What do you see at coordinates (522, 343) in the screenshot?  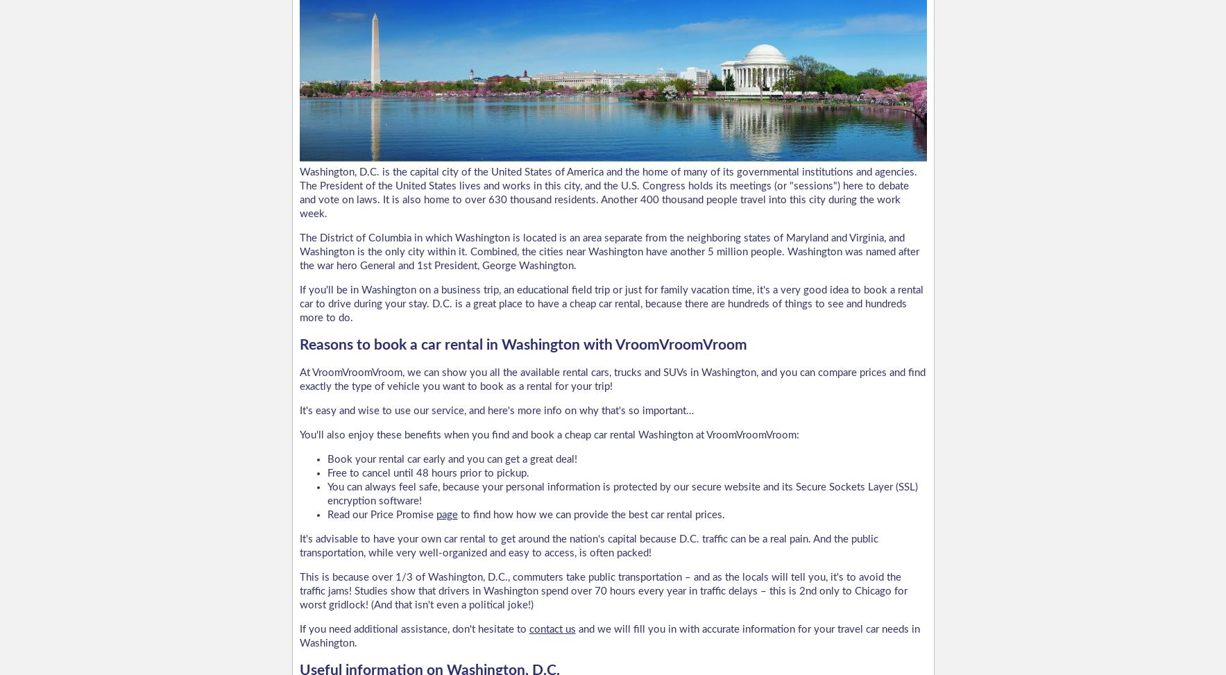 I see `'Reasons to book a car rental in Washington with VroomVroomVroom'` at bounding box center [522, 343].